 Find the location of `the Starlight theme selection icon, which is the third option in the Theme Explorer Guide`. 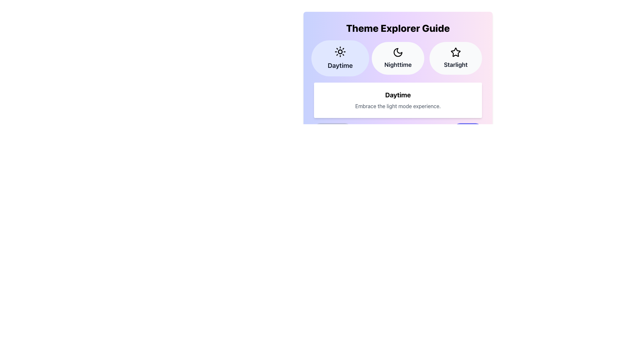

the Starlight theme selection icon, which is the third option in the Theme Explorer Guide is located at coordinates (455, 52).